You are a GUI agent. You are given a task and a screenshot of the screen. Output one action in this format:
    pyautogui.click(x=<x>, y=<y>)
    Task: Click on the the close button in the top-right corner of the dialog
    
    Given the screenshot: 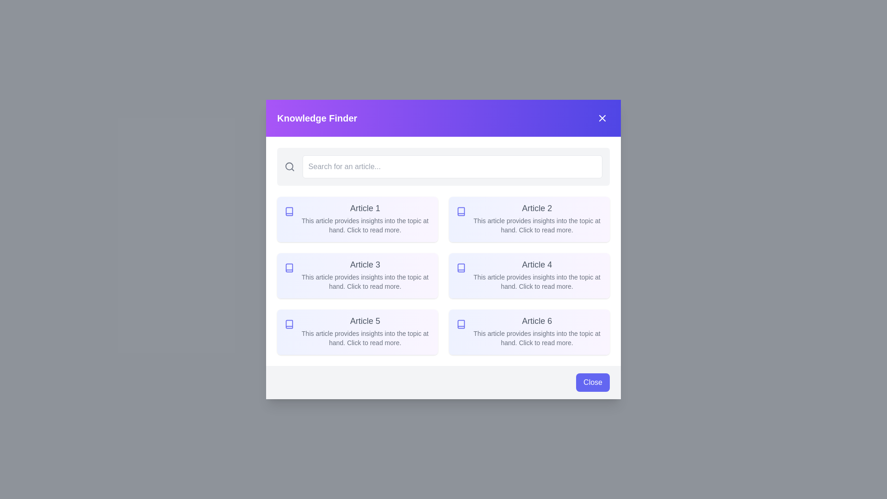 What is the action you would take?
    pyautogui.click(x=602, y=117)
    